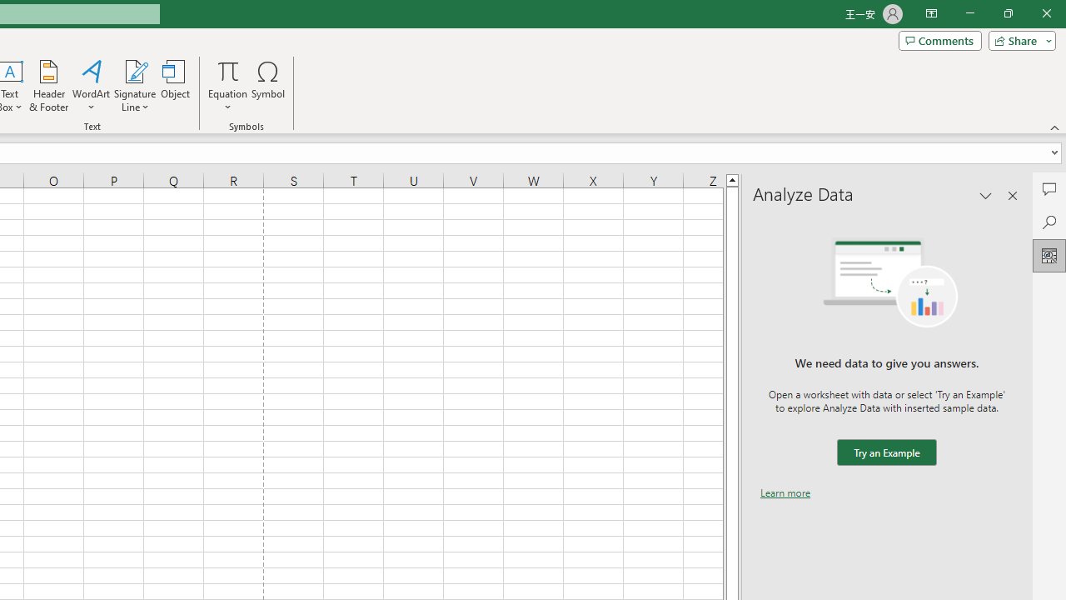 The height and width of the screenshot is (600, 1066). What do you see at coordinates (175, 86) in the screenshot?
I see `'Object...'` at bounding box center [175, 86].